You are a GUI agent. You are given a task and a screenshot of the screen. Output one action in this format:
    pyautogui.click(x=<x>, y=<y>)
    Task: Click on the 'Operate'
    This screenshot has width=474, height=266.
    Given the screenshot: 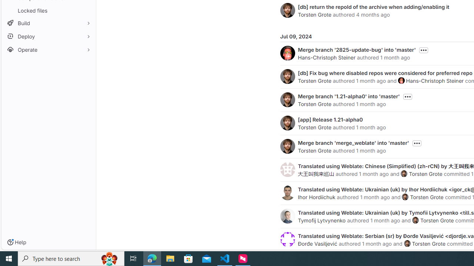 What is the action you would take?
    pyautogui.click(x=48, y=50)
    